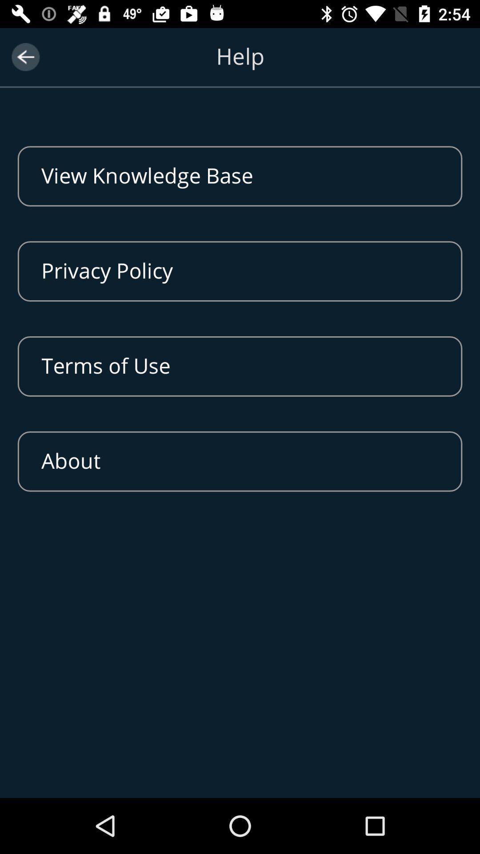 This screenshot has height=854, width=480. Describe the element at coordinates (240, 461) in the screenshot. I see `the last button on the page` at that location.